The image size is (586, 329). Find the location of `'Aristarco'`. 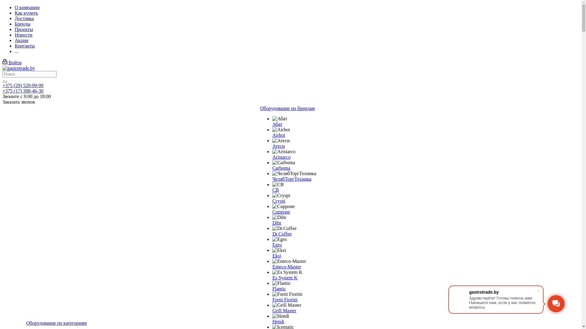

'Aristarco' is located at coordinates (284, 151).